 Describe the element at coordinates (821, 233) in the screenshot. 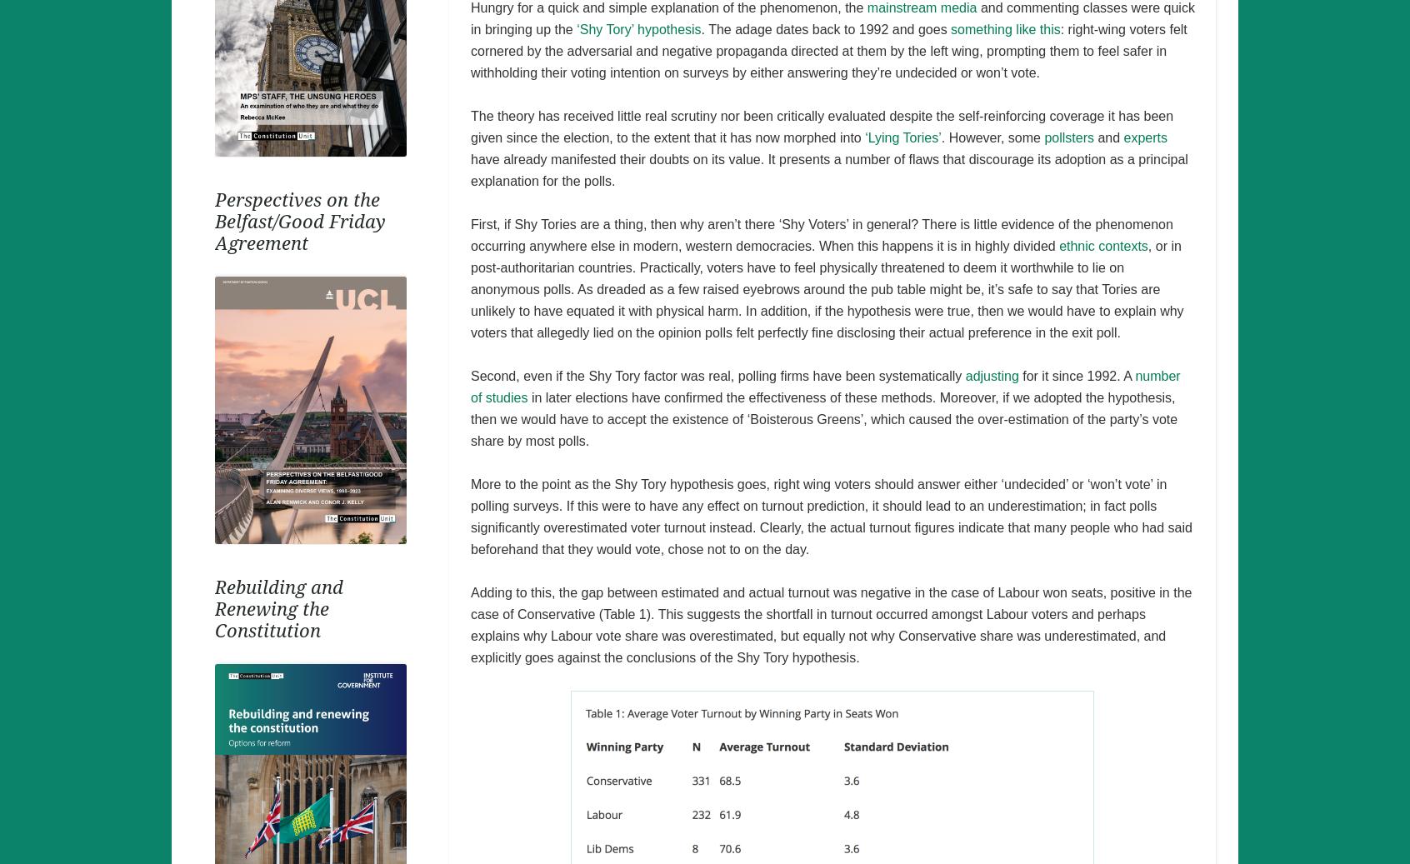

I see `'First, if Shy Tories are a thing, then why aren’t there ‘Shy Voters’ in general? There is little evidence of the phenomenon occurring anywhere else in modern, western democracies. When this happens it is in highly divided'` at that location.